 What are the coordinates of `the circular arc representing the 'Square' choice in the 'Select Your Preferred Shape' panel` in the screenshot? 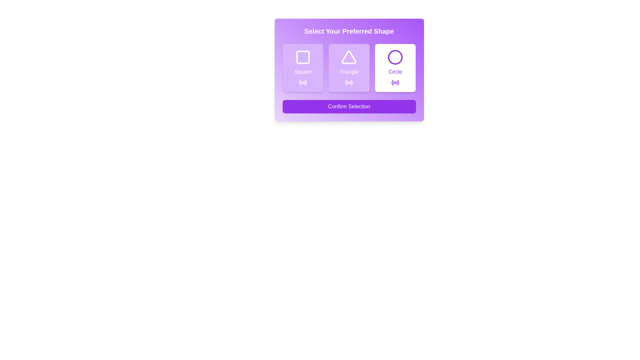 It's located at (300, 82).